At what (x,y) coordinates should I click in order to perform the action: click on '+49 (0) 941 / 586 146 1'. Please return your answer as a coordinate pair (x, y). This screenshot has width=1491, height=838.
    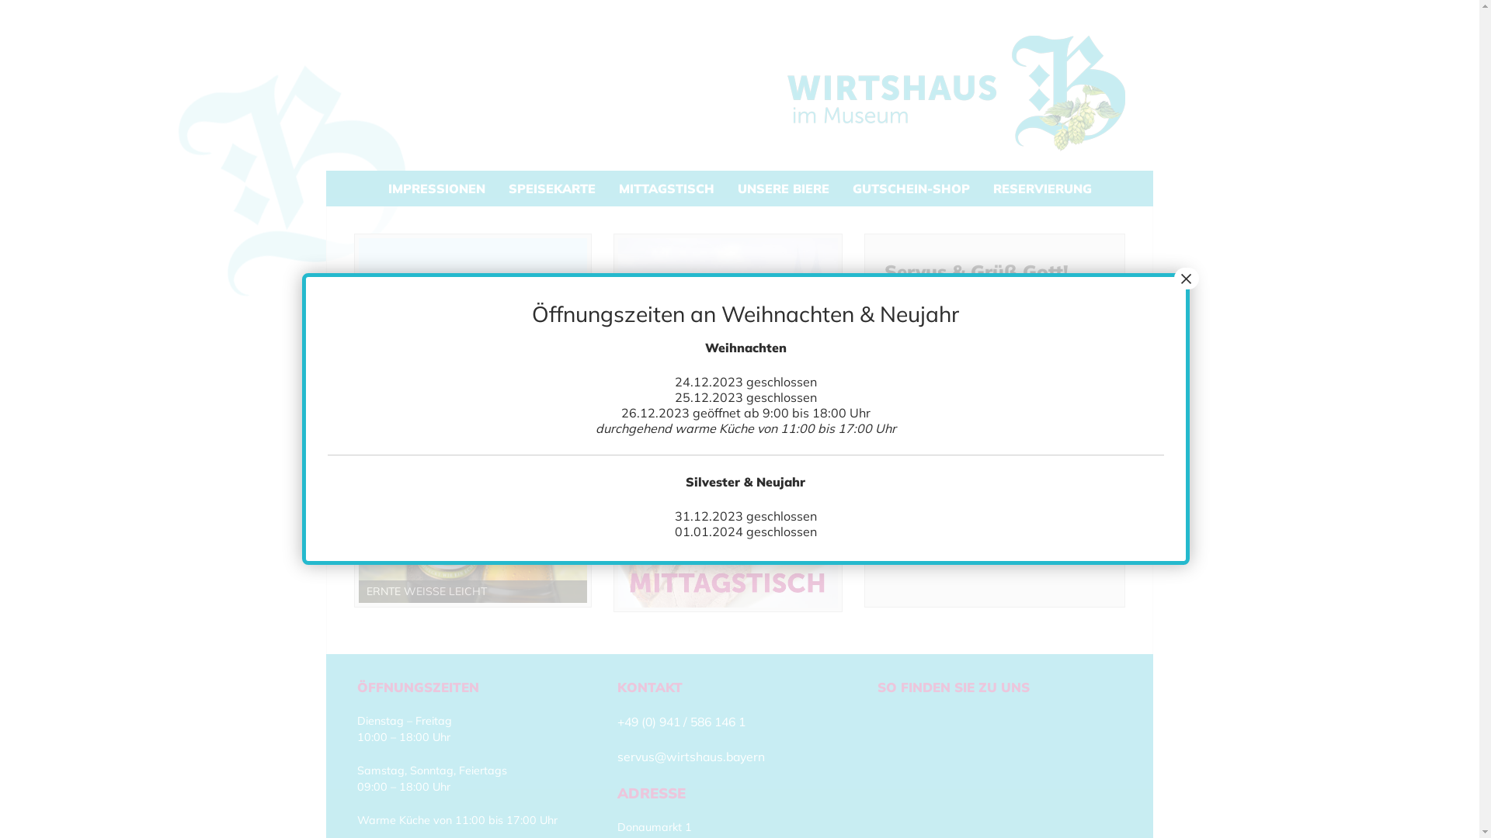
    Looking at the image, I should click on (617, 721).